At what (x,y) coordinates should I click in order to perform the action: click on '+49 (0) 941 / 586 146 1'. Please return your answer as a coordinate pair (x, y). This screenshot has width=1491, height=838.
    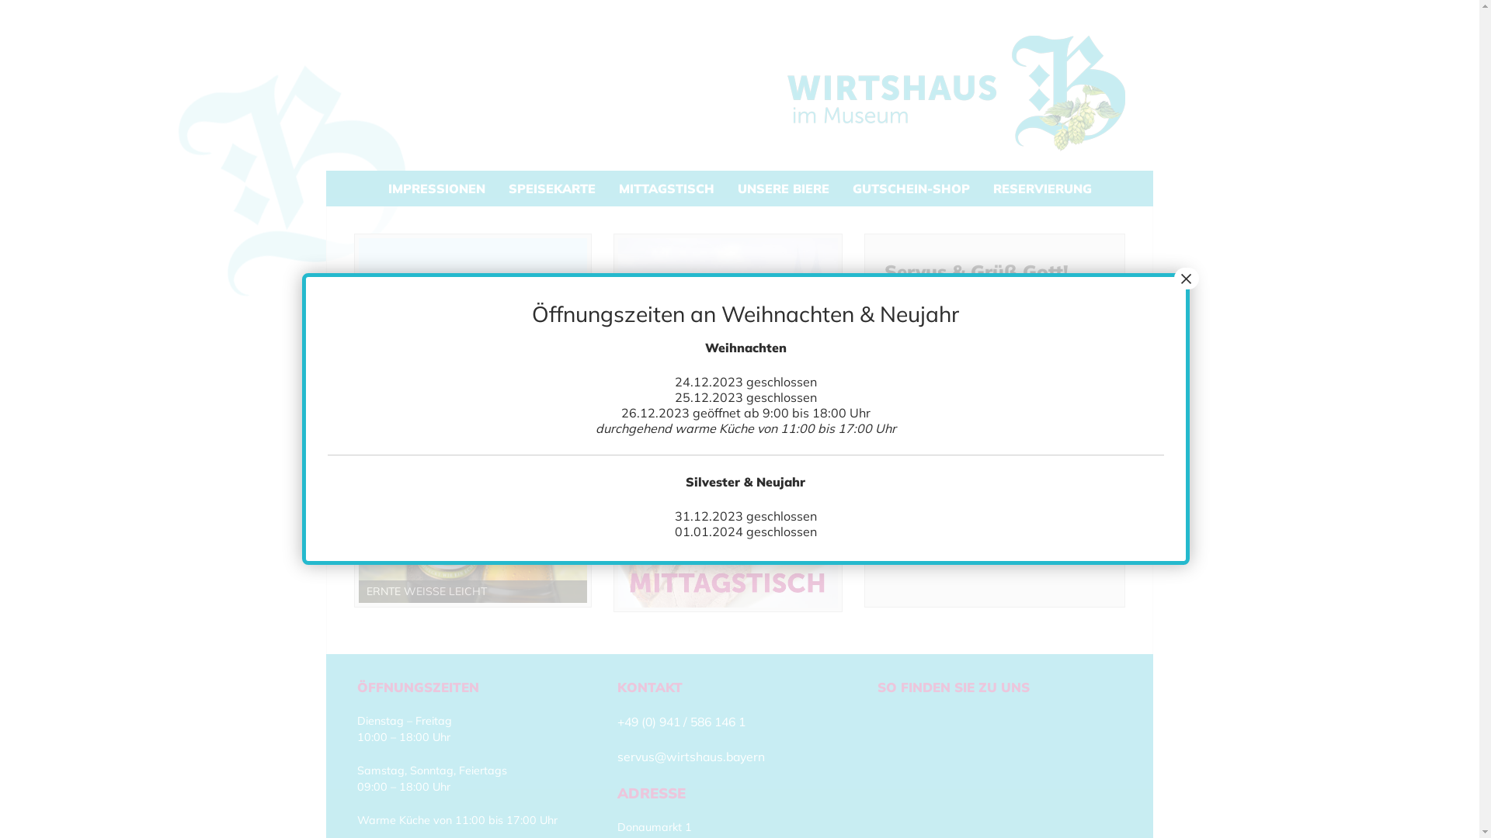
    Looking at the image, I should click on (617, 721).